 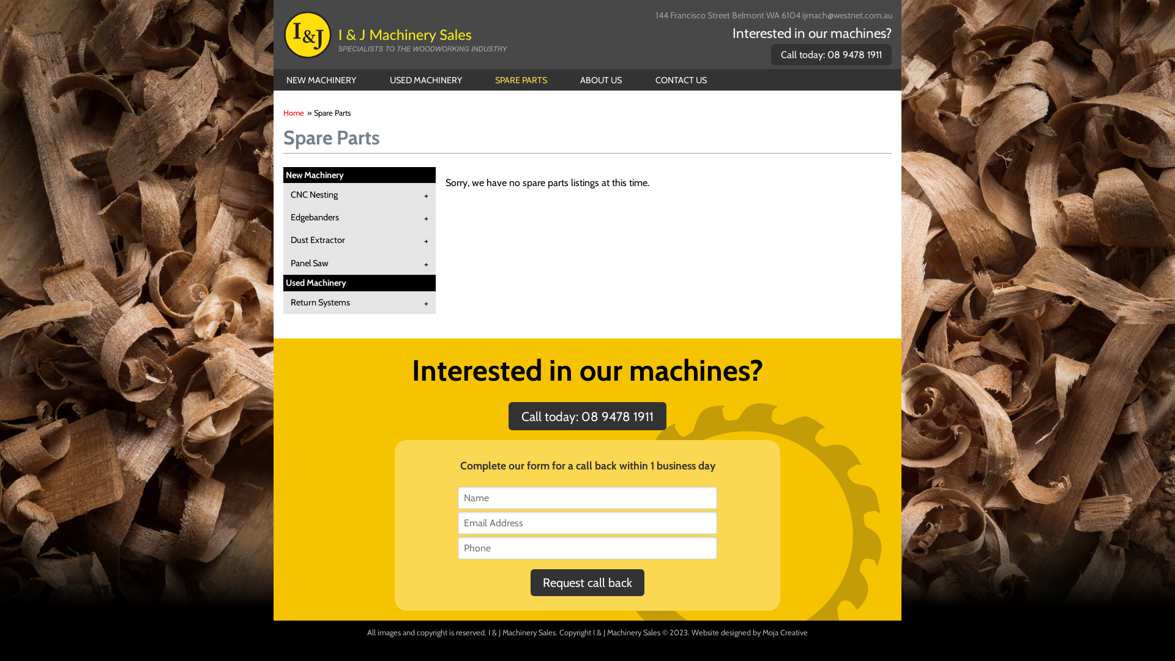 What do you see at coordinates (847, 15) in the screenshot?
I see `'ijmach@westnet.com.au'` at bounding box center [847, 15].